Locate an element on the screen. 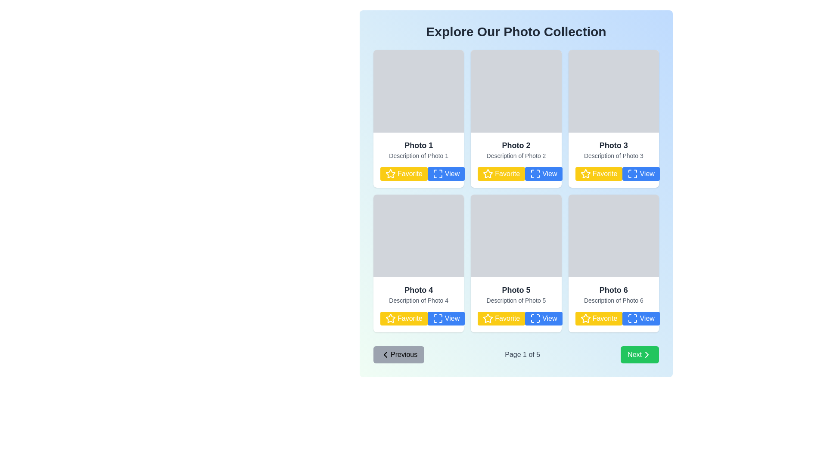 This screenshot has width=827, height=465. the blue SVG maximizing icon located next to the 'View' text within the button in the second column of the first row of a 3x2 grid layout is located at coordinates (438, 174).